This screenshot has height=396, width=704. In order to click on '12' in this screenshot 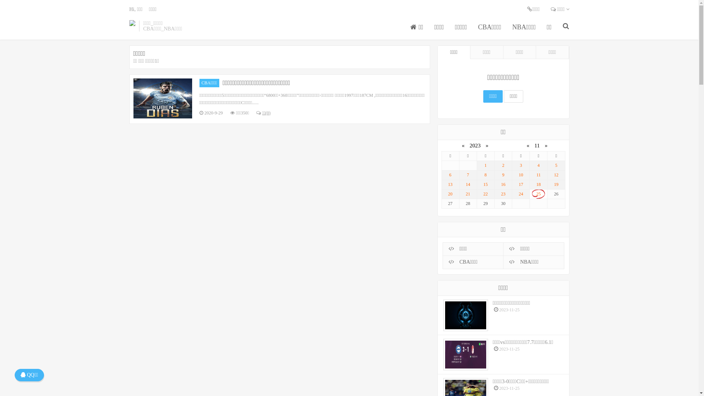, I will do `click(556, 175)`.